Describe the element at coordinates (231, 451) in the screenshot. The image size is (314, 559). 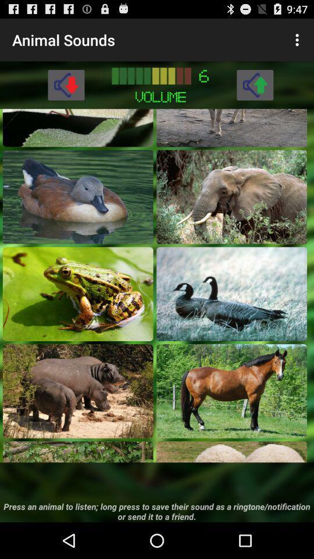
I see `app above press an animal` at that location.